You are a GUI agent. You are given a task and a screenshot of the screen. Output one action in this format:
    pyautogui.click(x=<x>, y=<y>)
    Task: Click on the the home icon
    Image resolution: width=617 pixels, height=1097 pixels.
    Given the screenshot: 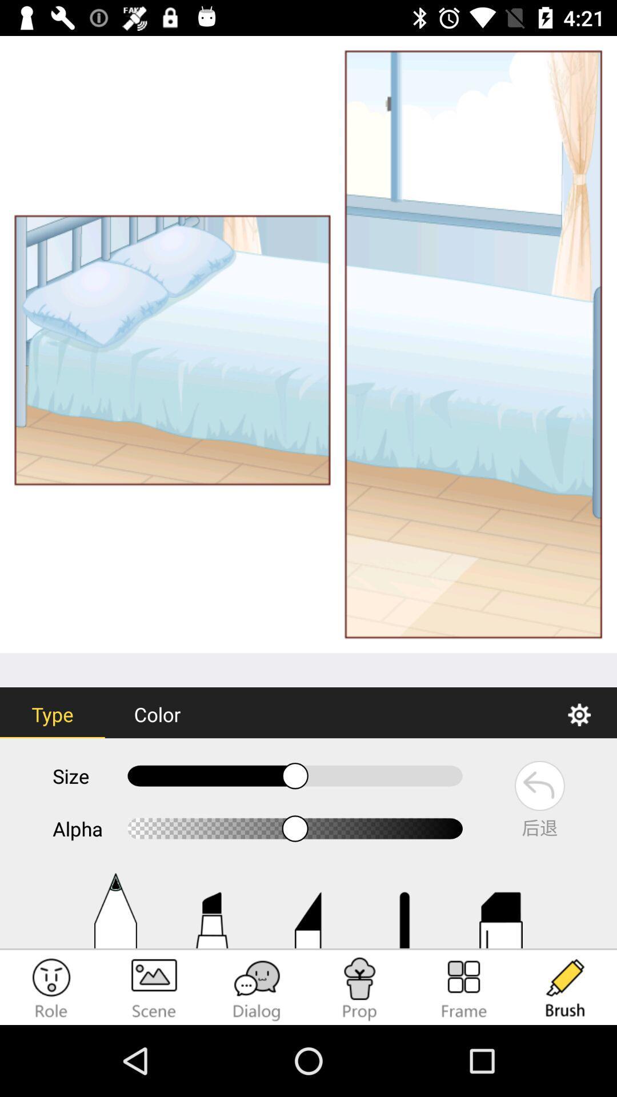 What is the action you would take?
    pyautogui.click(x=211, y=910)
    